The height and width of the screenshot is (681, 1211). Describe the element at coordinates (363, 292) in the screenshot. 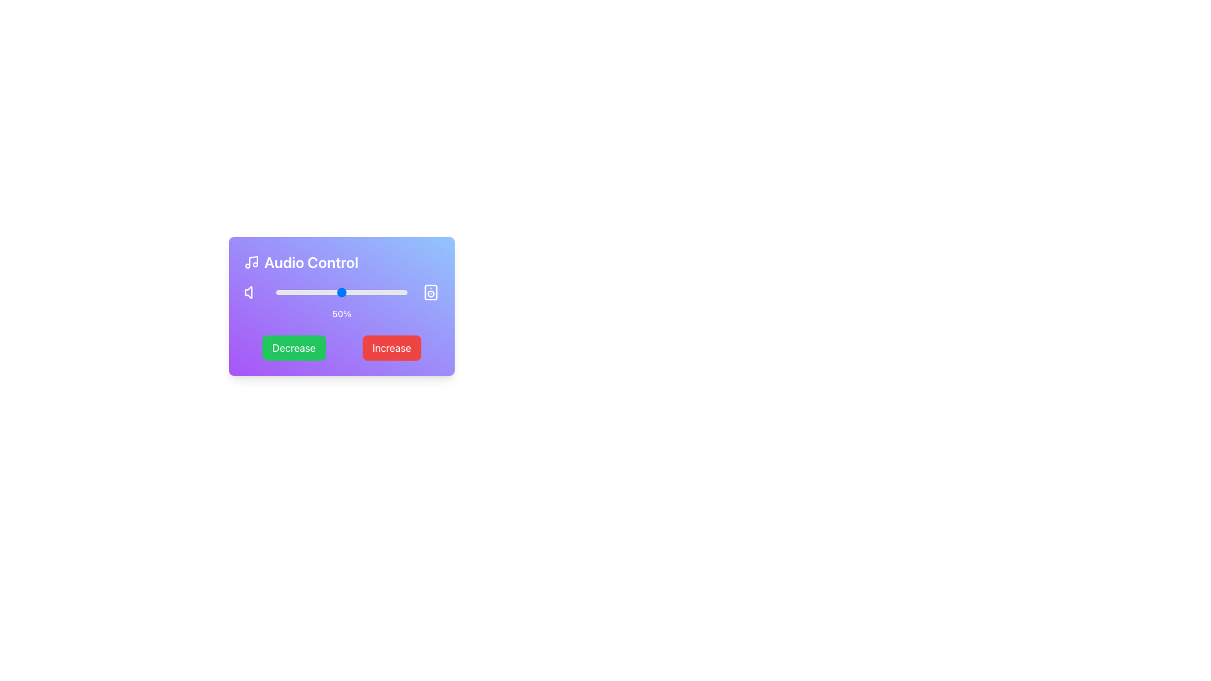

I see `volume` at that location.